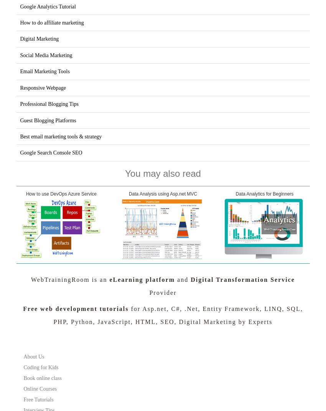 The image size is (326, 411). What do you see at coordinates (61, 194) in the screenshot?
I see `'How to use DevOps Azure Service'` at bounding box center [61, 194].